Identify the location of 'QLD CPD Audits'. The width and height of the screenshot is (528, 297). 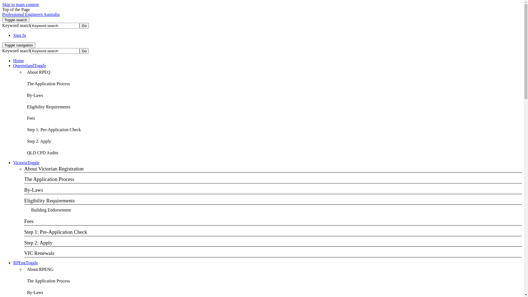
(42, 153).